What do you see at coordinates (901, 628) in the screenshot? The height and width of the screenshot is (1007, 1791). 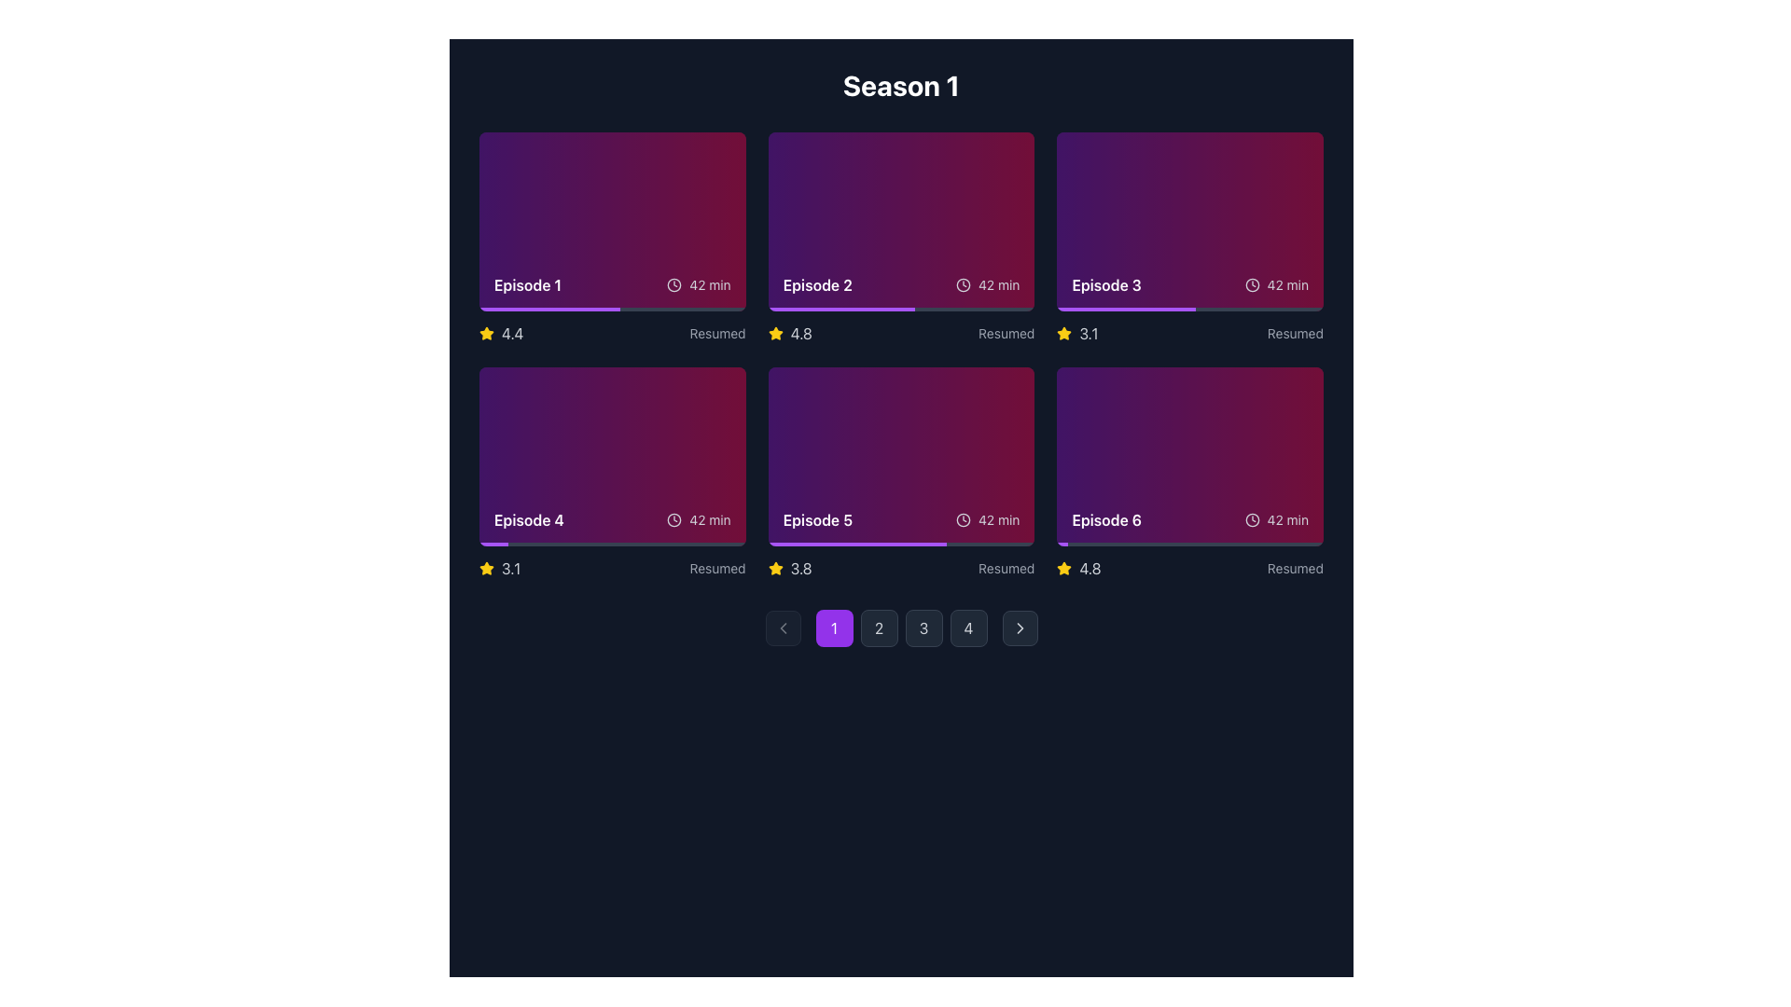 I see `the button labeled '2', which is styled as a dark box with light text, located in the pagination bar to provide interaction feedback` at bounding box center [901, 628].